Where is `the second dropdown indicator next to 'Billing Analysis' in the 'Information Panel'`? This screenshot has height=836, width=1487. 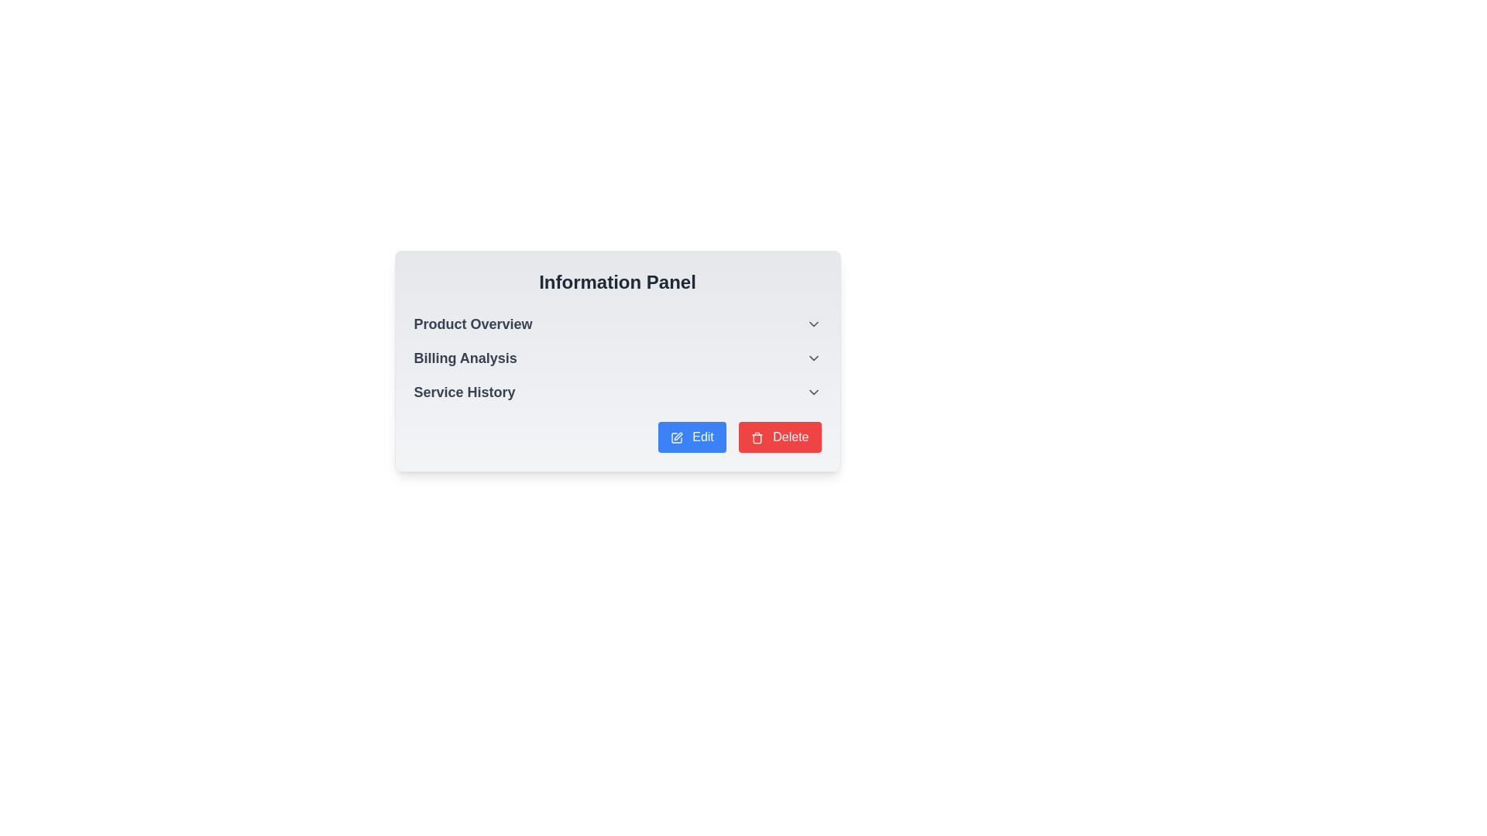
the second dropdown indicator next to 'Billing Analysis' in the 'Information Panel' is located at coordinates (812, 358).